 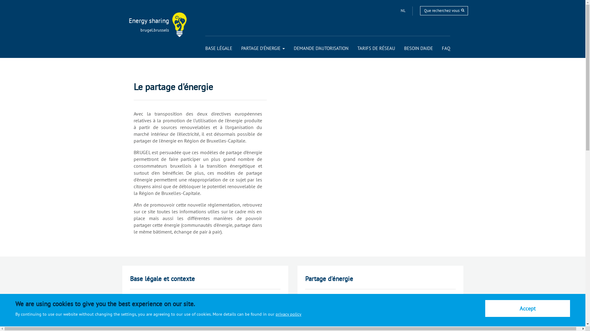 I want to click on 'Accept', so click(x=527, y=308).